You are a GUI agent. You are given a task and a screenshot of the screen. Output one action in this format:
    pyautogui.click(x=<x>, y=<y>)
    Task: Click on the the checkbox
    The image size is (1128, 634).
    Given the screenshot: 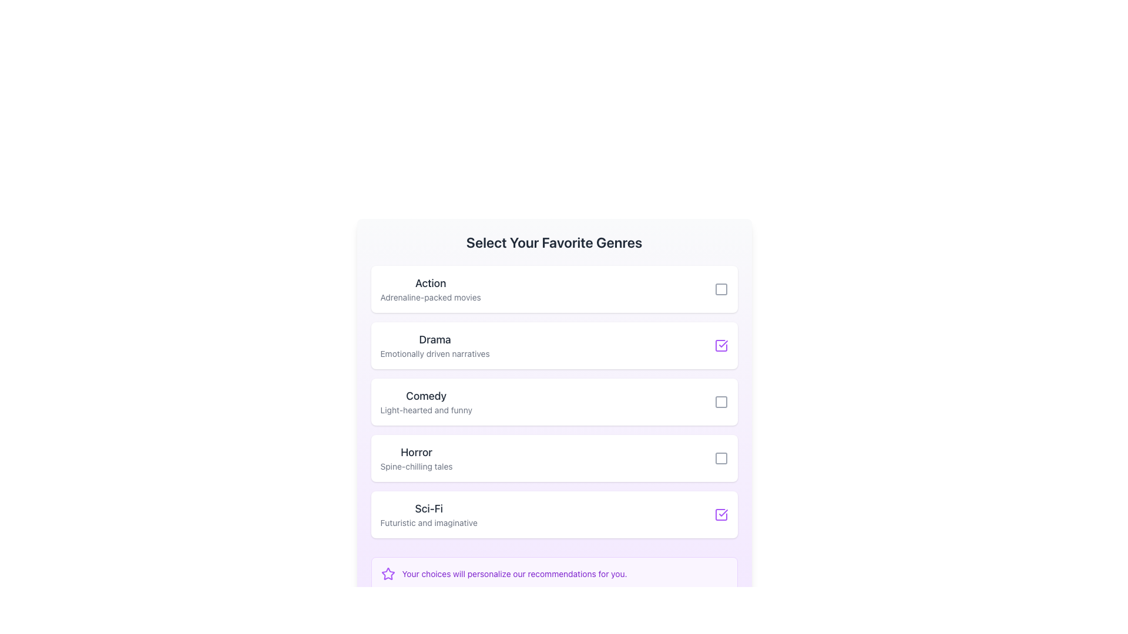 What is the action you would take?
    pyautogui.click(x=720, y=457)
    